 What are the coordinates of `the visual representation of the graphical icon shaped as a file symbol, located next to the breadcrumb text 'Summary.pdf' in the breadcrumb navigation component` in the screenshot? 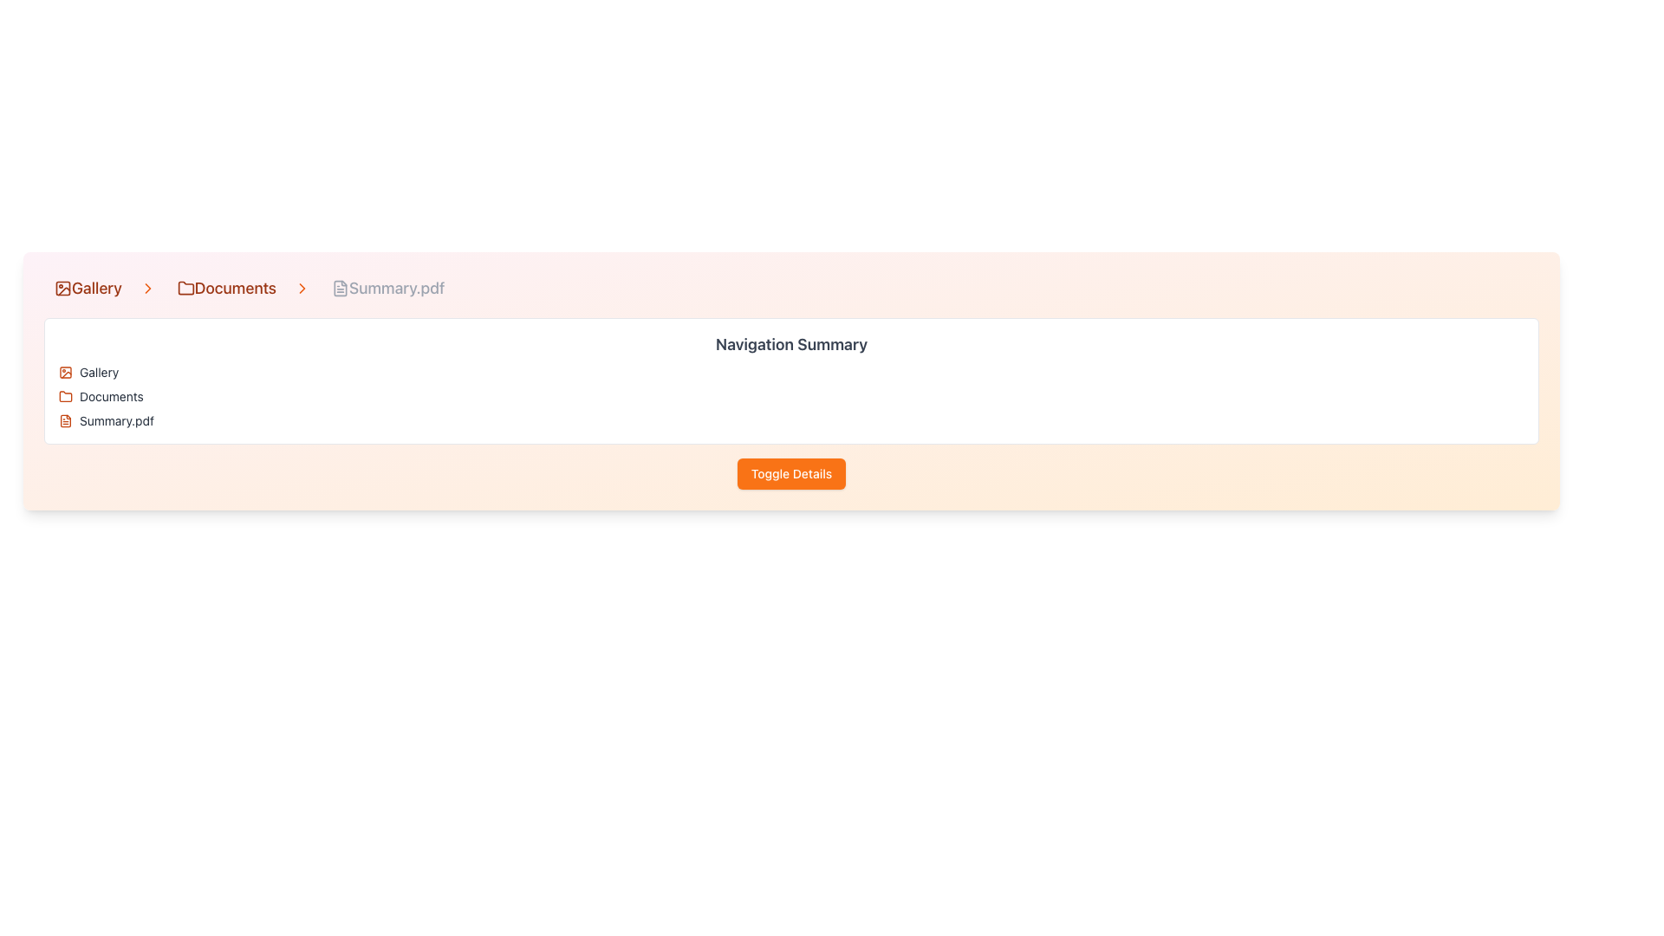 It's located at (341, 287).